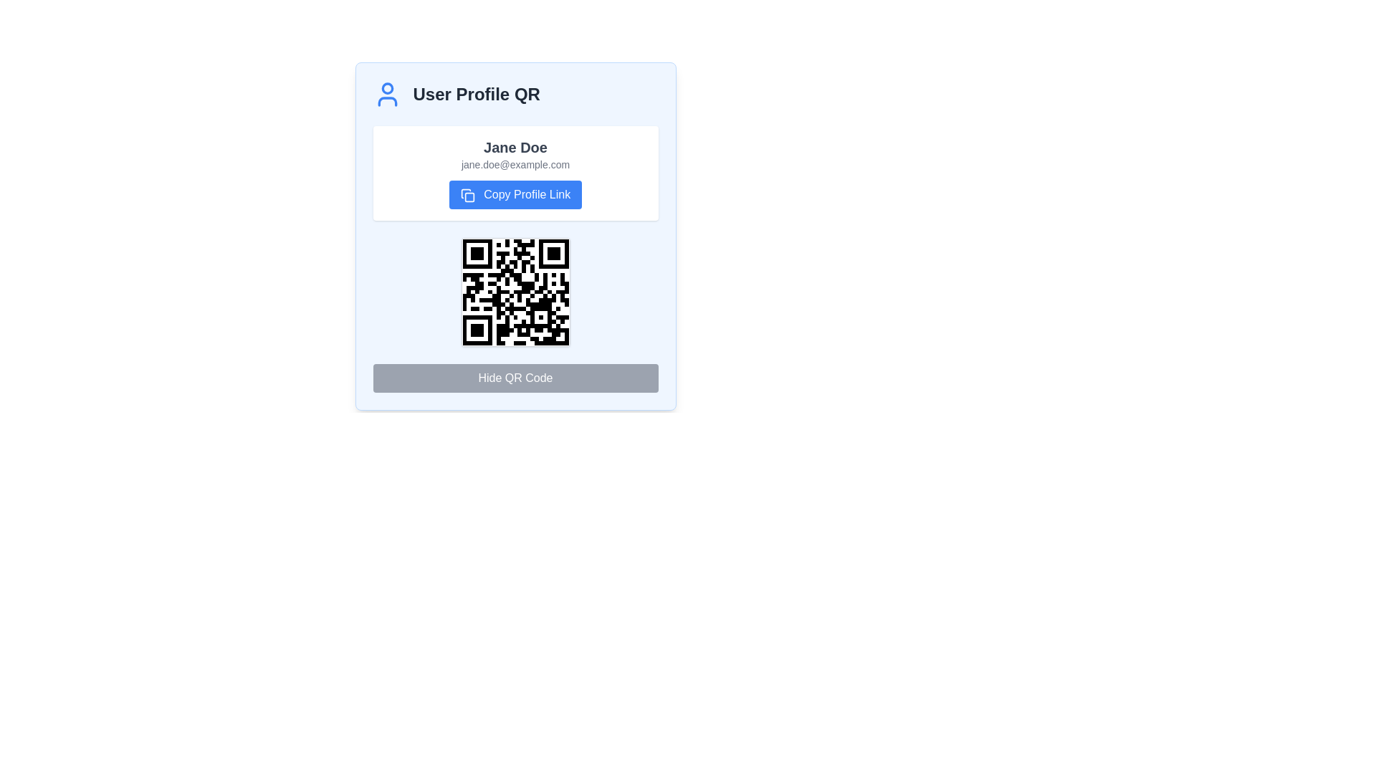 The height and width of the screenshot is (774, 1376). Describe the element at coordinates (515, 164) in the screenshot. I see `the email address 'jane.doe@example.com' displayed in a small, gray-colored font, located beneath the name 'Jane Doe' and above the 'Copy Profile Link' button in the user profile section` at that location.